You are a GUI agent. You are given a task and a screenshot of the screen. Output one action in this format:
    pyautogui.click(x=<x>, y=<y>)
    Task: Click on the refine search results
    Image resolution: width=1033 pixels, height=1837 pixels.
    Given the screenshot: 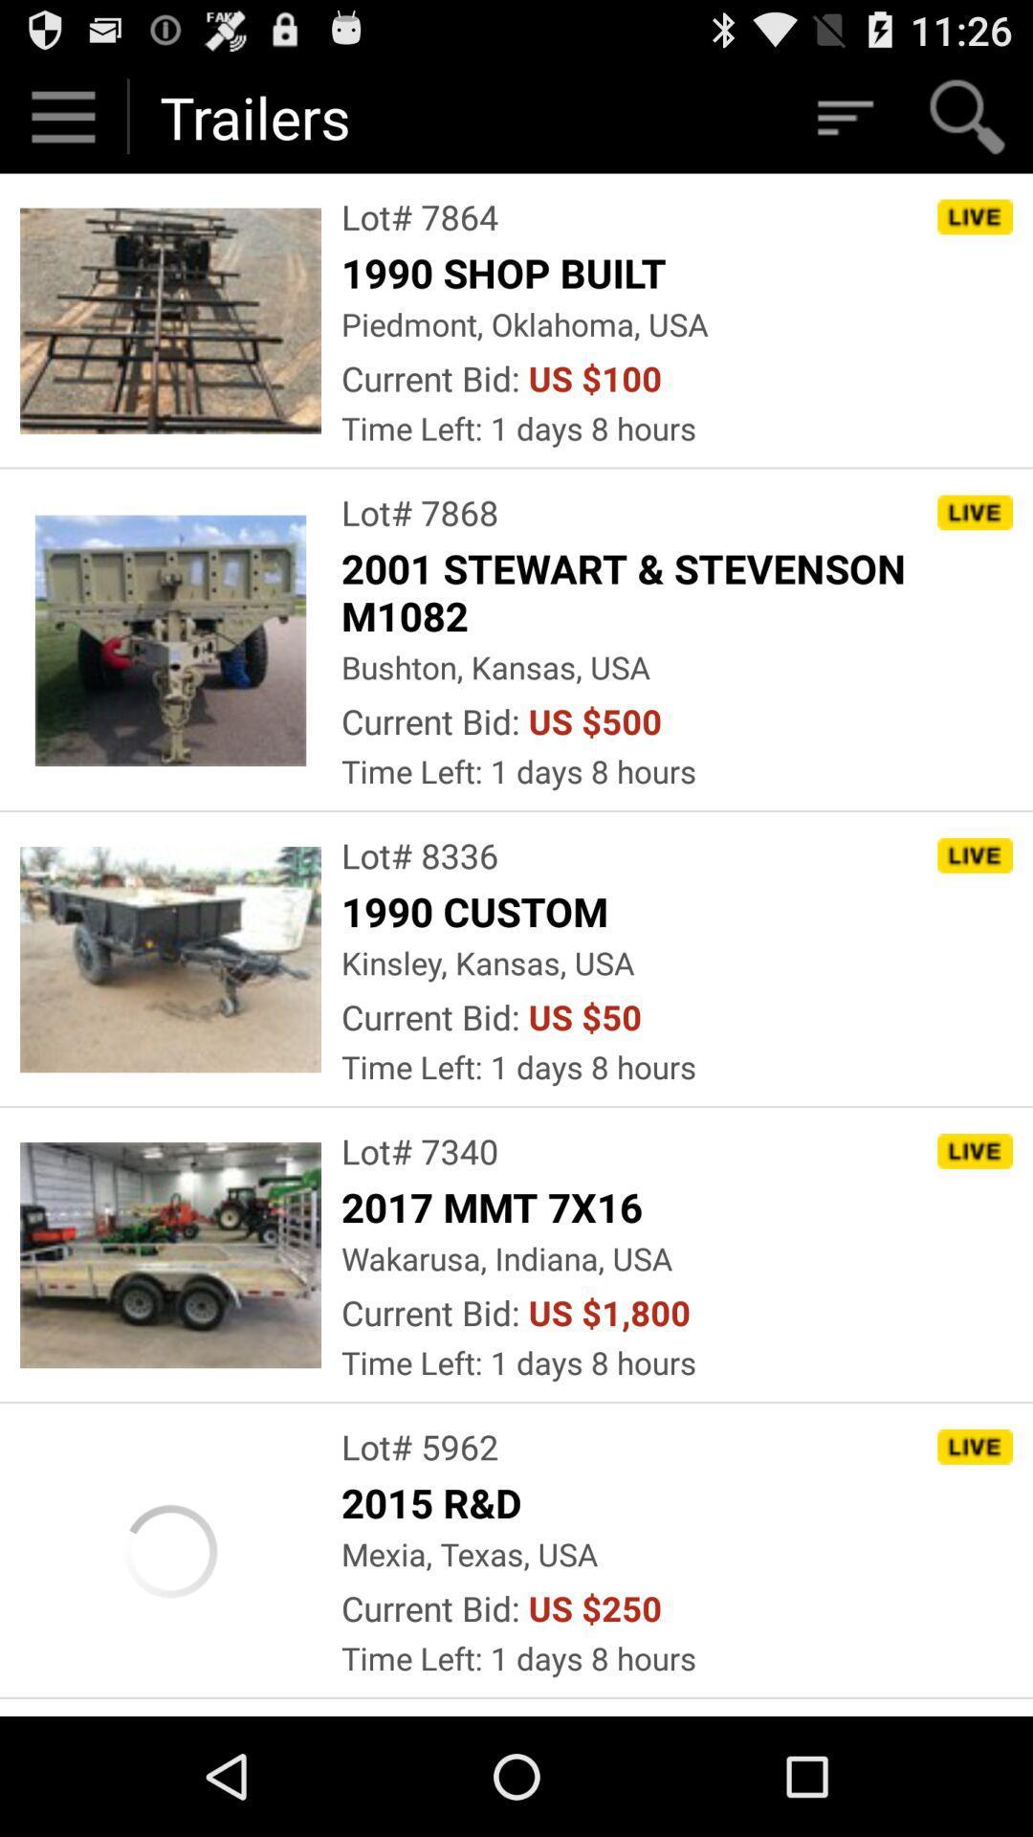 What is the action you would take?
    pyautogui.click(x=843, y=116)
    